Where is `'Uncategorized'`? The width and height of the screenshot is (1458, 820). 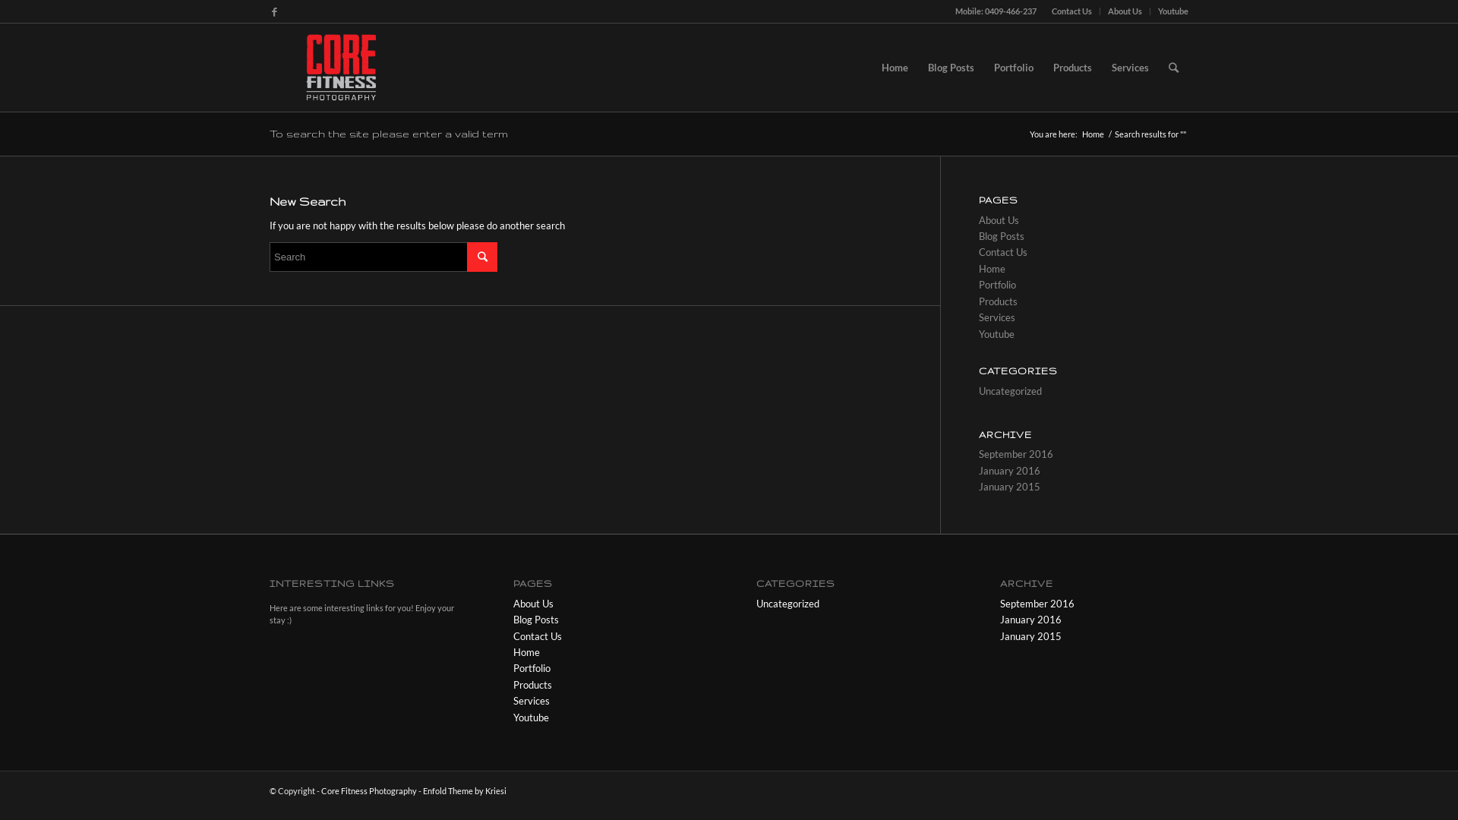
'Uncategorized' is located at coordinates (787, 602).